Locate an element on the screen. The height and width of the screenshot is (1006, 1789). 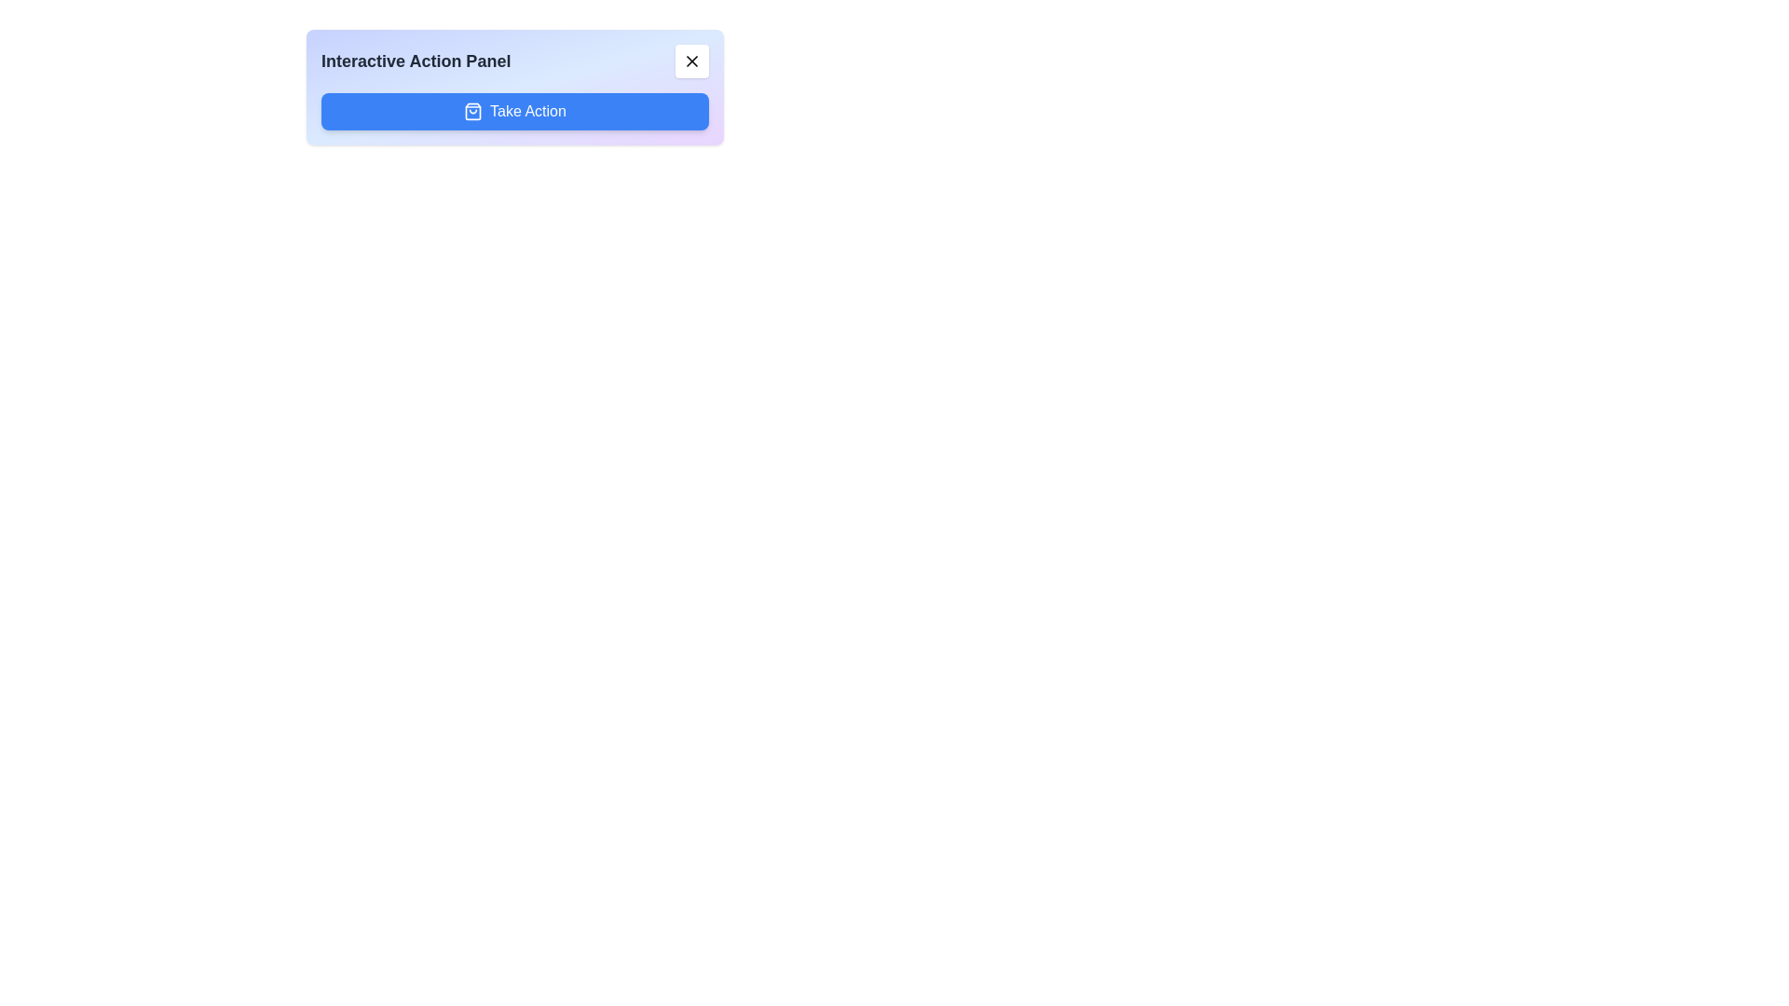
the composite UI label element that combines the 'Take Action' text and a shopping bag icon, styled in white on a blue background and appearing button-like is located at coordinates (514, 111).